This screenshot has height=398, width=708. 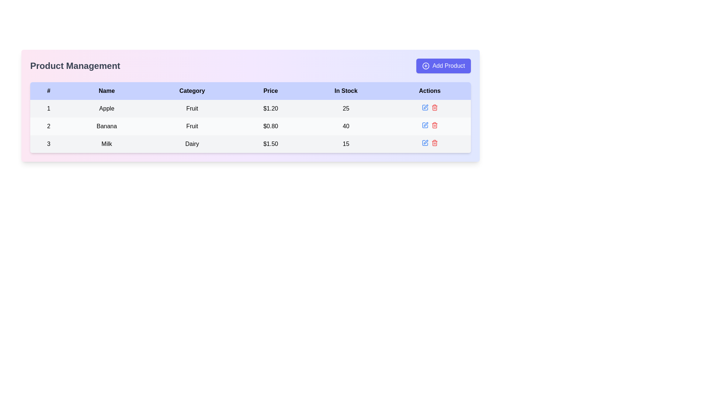 I want to click on the Table Header Cell element displaying the text '#' located in the top-left corner of the table header row, so click(x=48, y=90).